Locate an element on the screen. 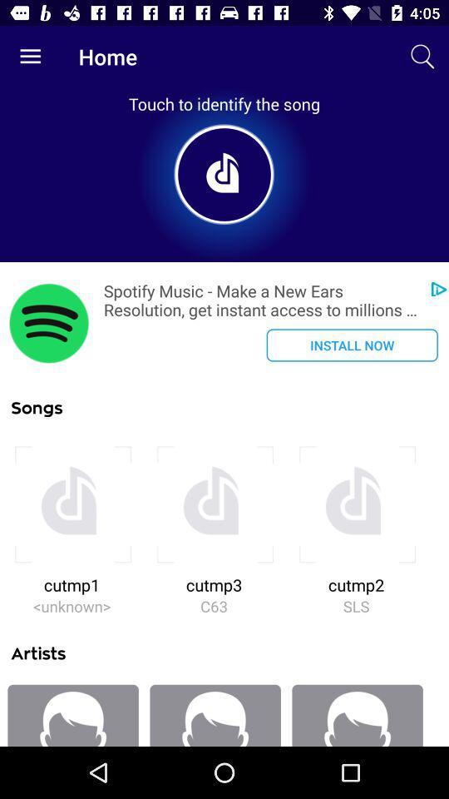 The height and width of the screenshot is (799, 449). icon next to home is located at coordinates (422, 57).